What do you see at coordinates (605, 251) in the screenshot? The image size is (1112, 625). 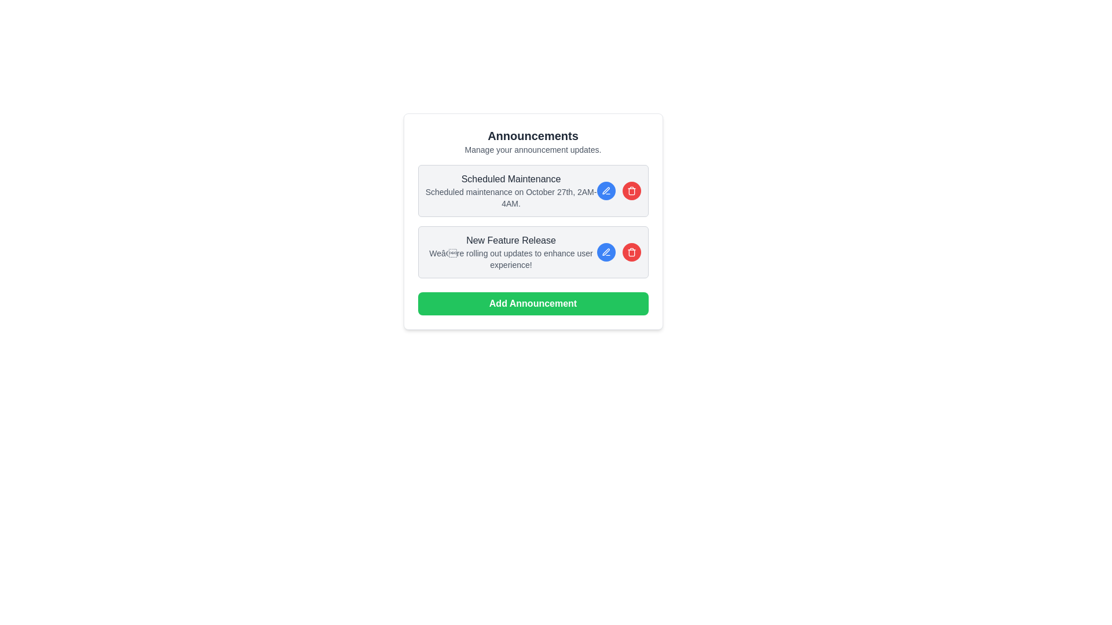 I see `the edit button located to the right of the 'New Feature Release' announcement` at bounding box center [605, 251].